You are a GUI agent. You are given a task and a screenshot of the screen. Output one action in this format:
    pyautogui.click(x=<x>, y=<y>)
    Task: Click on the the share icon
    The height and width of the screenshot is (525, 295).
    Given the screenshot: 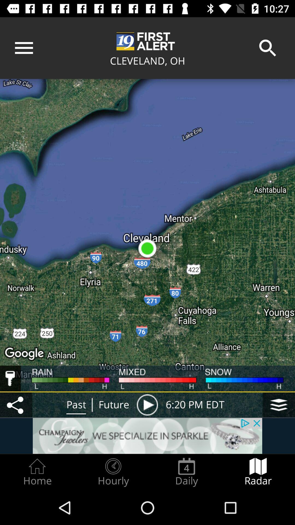 What is the action you would take?
    pyautogui.click(x=16, y=405)
    